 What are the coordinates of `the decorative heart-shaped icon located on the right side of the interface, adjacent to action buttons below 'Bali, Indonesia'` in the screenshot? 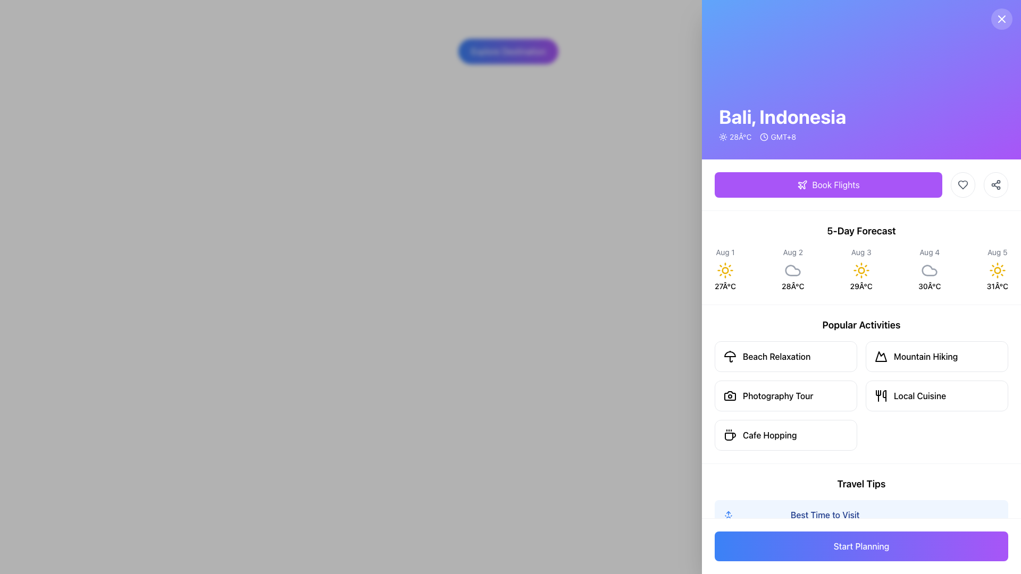 It's located at (963, 184).